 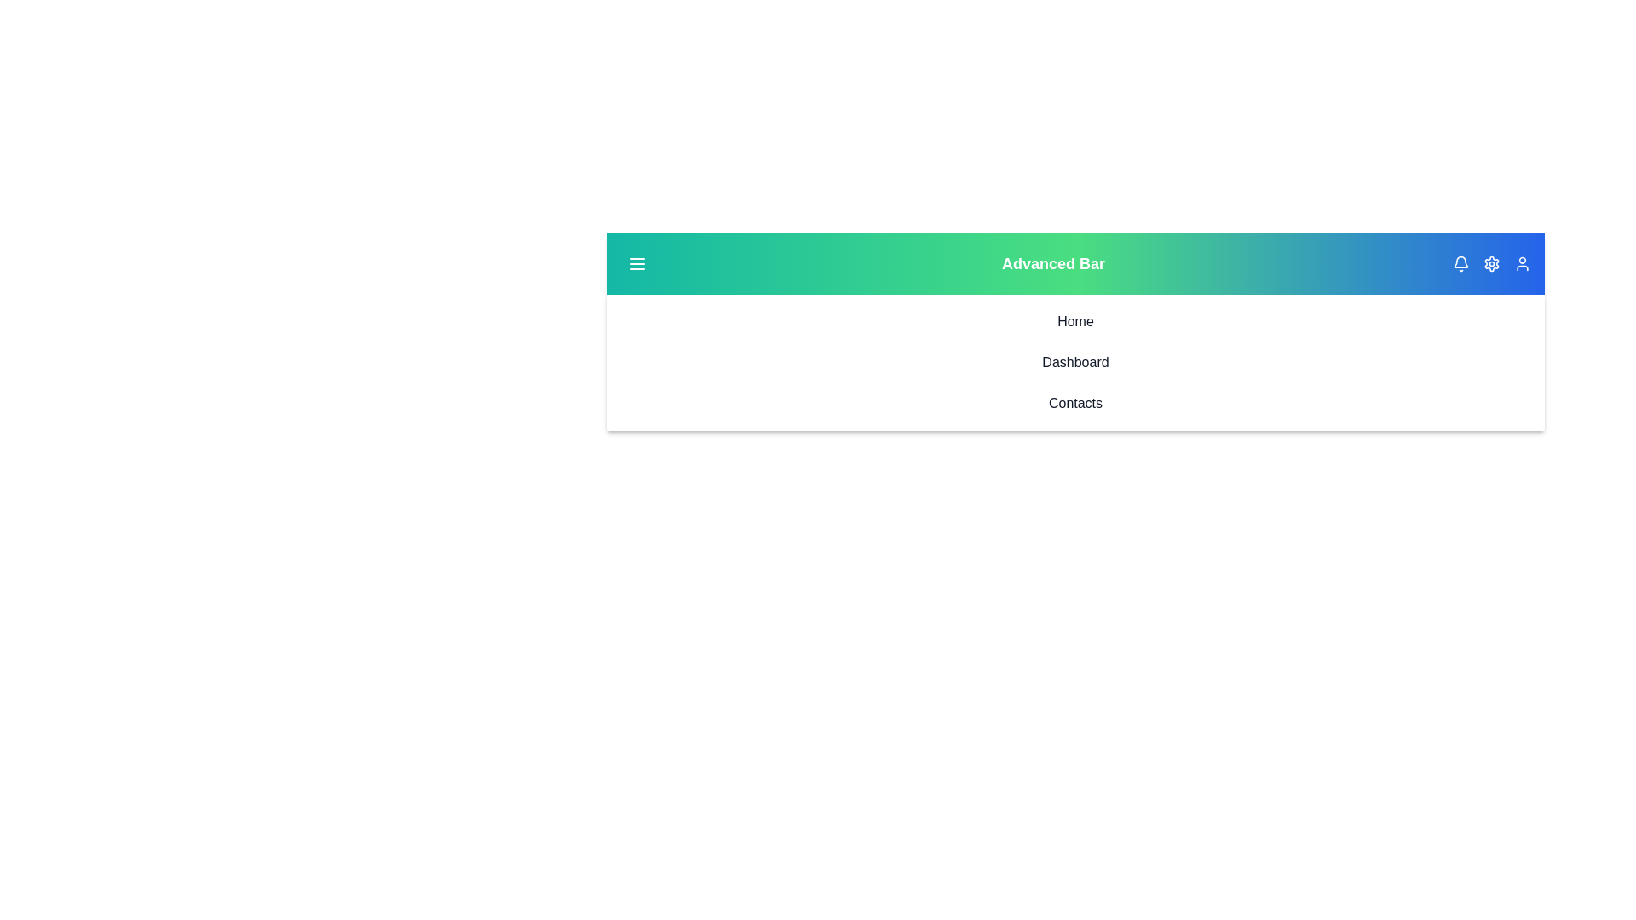 What do you see at coordinates (1074, 404) in the screenshot?
I see `the 'Contacts' list item in the menu` at bounding box center [1074, 404].